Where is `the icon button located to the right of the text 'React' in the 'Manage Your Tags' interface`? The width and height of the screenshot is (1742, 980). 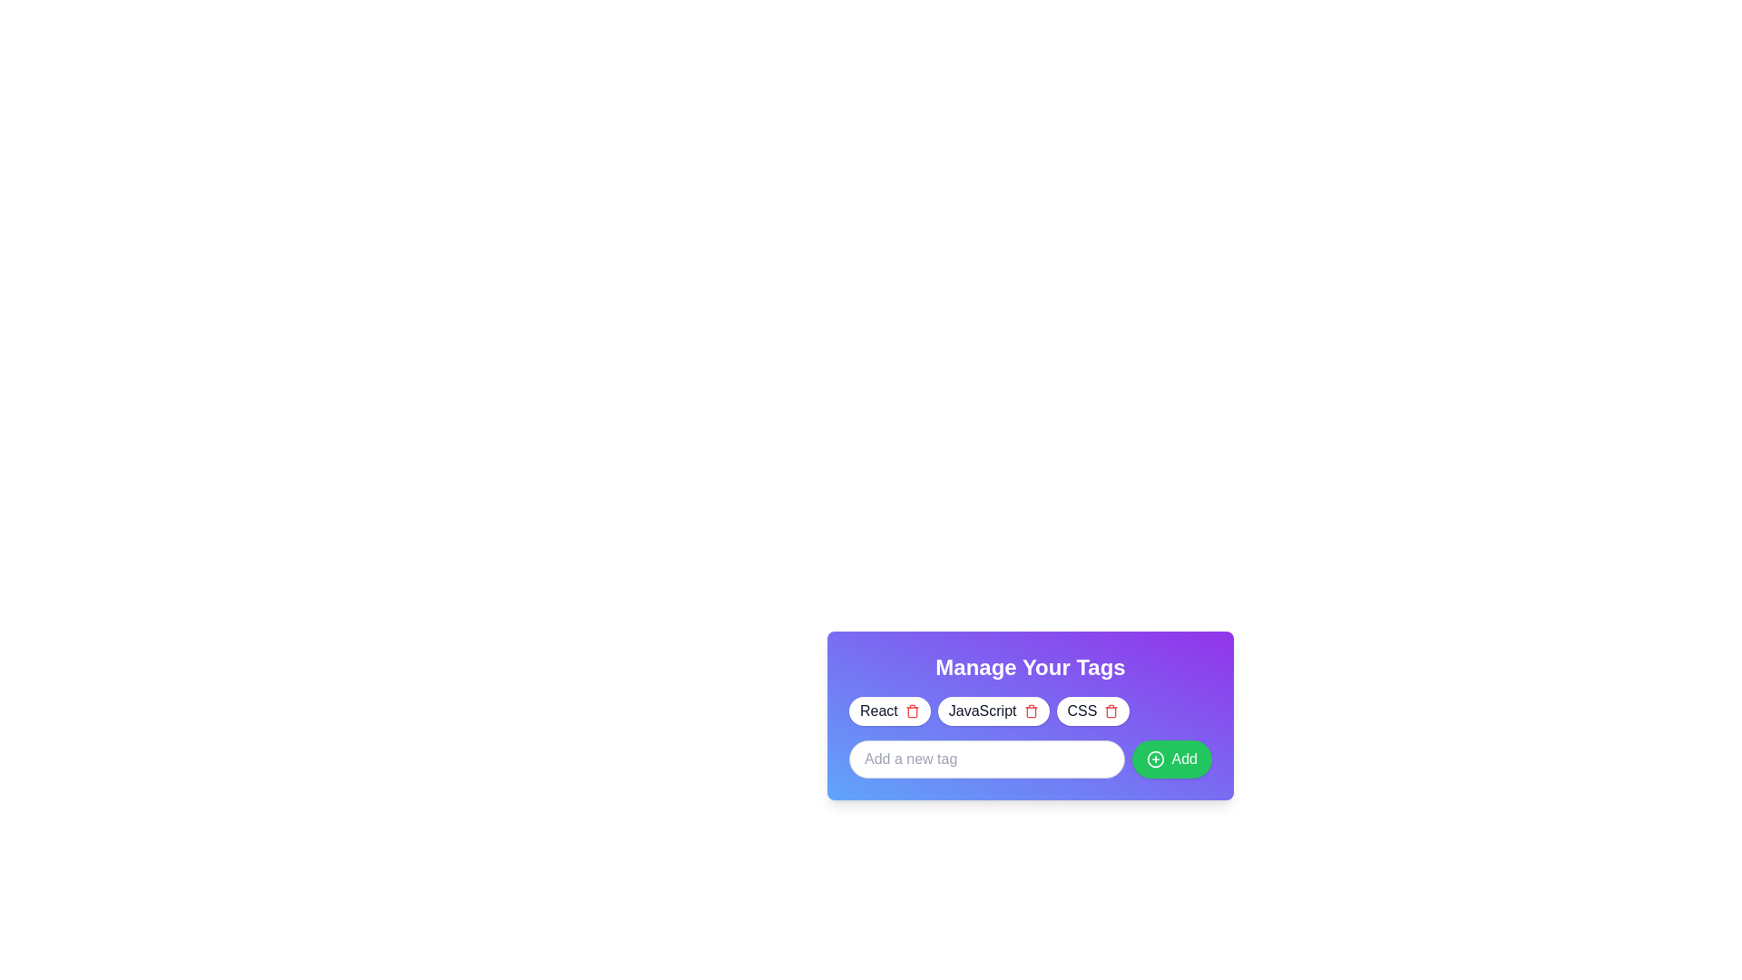
the icon button located to the right of the text 'React' in the 'Manage Your Tags' interface is located at coordinates (912, 710).